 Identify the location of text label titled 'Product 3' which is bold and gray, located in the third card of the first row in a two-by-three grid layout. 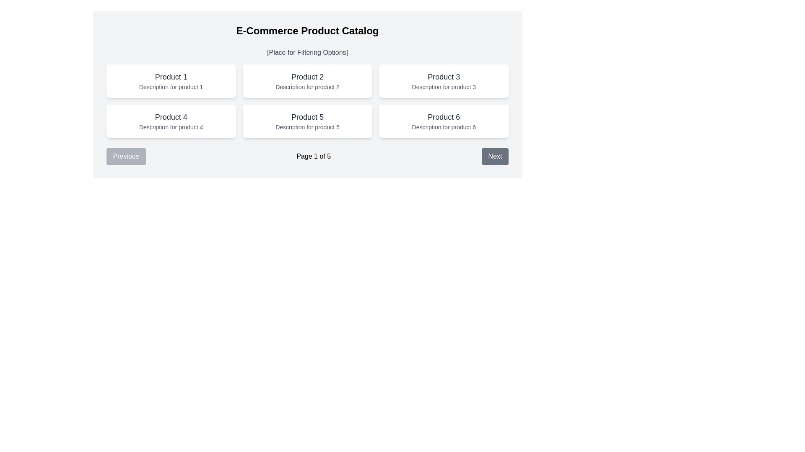
(443, 77).